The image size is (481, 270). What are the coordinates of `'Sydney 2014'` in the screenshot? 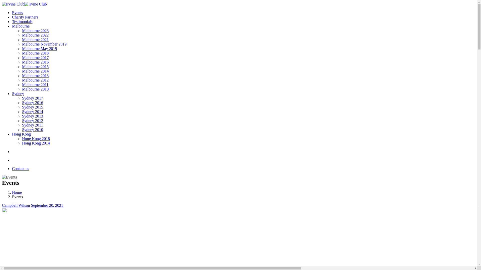 It's located at (32, 111).